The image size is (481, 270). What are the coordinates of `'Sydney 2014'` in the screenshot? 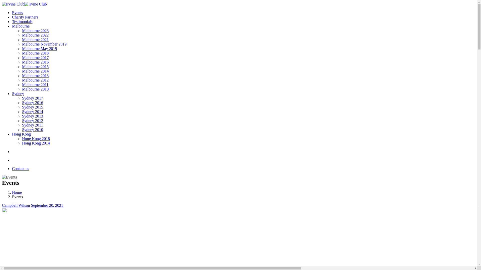 It's located at (32, 111).